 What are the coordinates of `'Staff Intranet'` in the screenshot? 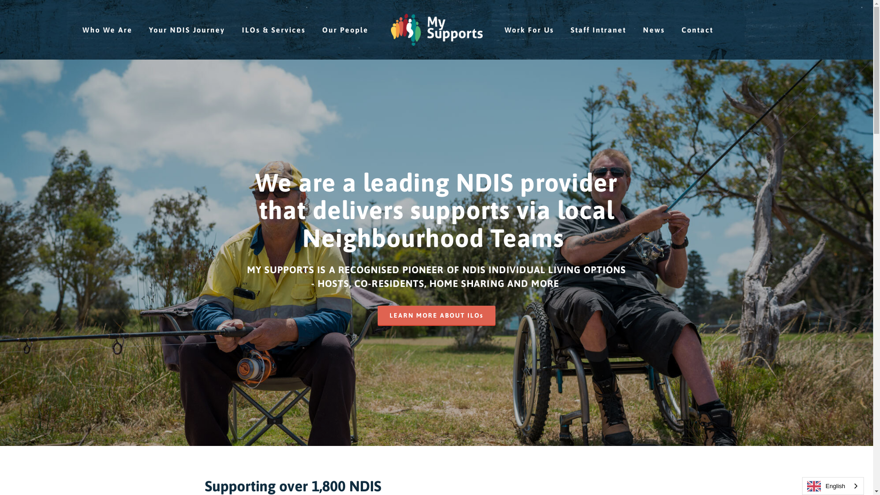 It's located at (598, 29).